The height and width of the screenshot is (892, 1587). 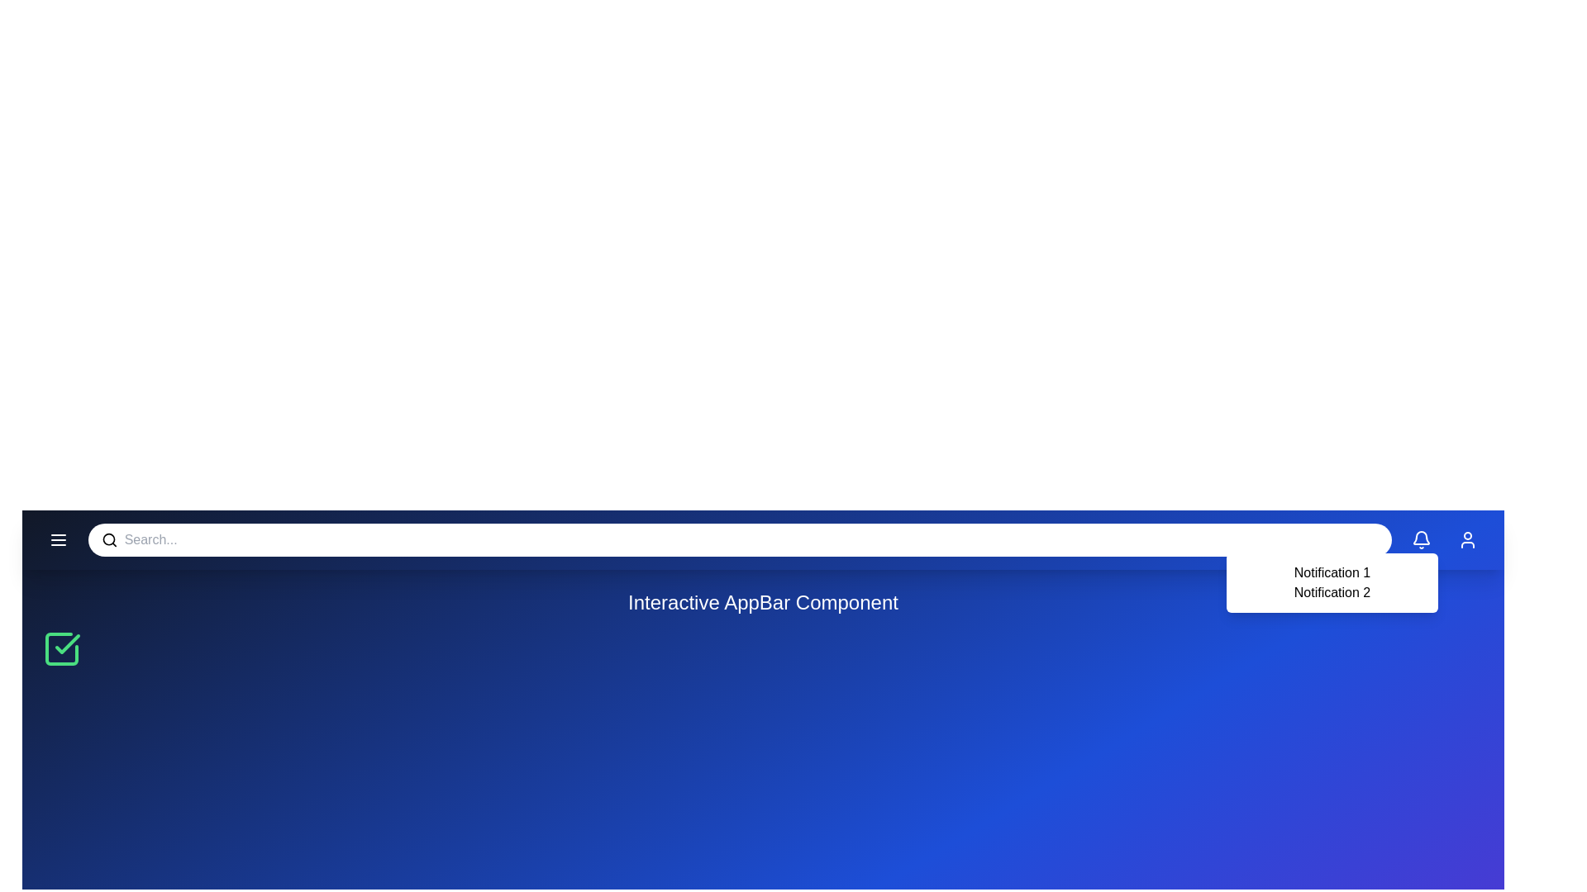 What do you see at coordinates (1420, 540) in the screenshot?
I see `the bell icon to toggle the notifications area` at bounding box center [1420, 540].